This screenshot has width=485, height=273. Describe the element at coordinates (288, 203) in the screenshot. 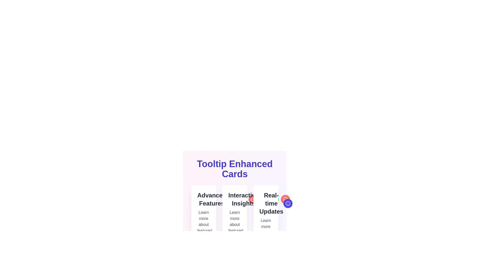

I see `the informational indicator icon located in the upper-right corner of the 'Real-time Updates' card, which is inside a blue circular button` at that location.